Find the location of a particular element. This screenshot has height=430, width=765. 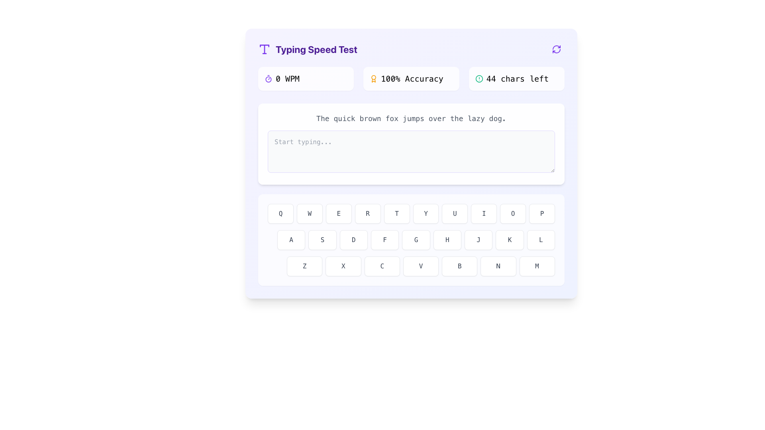

the refresh button located at the top-right corner of the interface header, aligned with the title 'Typing Speed Test' is located at coordinates (556, 49).